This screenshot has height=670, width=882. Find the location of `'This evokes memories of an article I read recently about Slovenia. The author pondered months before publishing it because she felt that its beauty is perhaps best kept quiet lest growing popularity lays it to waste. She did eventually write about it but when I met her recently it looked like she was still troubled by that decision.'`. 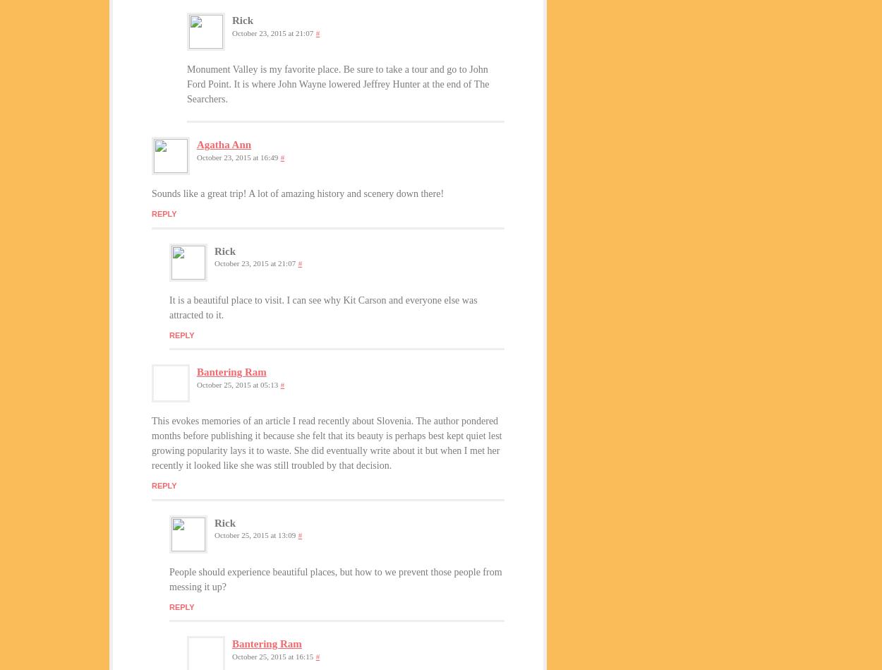

'This evokes memories of an article I read recently about Slovenia. The author pondered months before publishing it because she felt that its beauty is perhaps best kept quiet lest growing popularity lays it to waste. She did eventually write about it but when I met her recently it looked like she was still troubled by that decision.' is located at coordinates (326, 442).